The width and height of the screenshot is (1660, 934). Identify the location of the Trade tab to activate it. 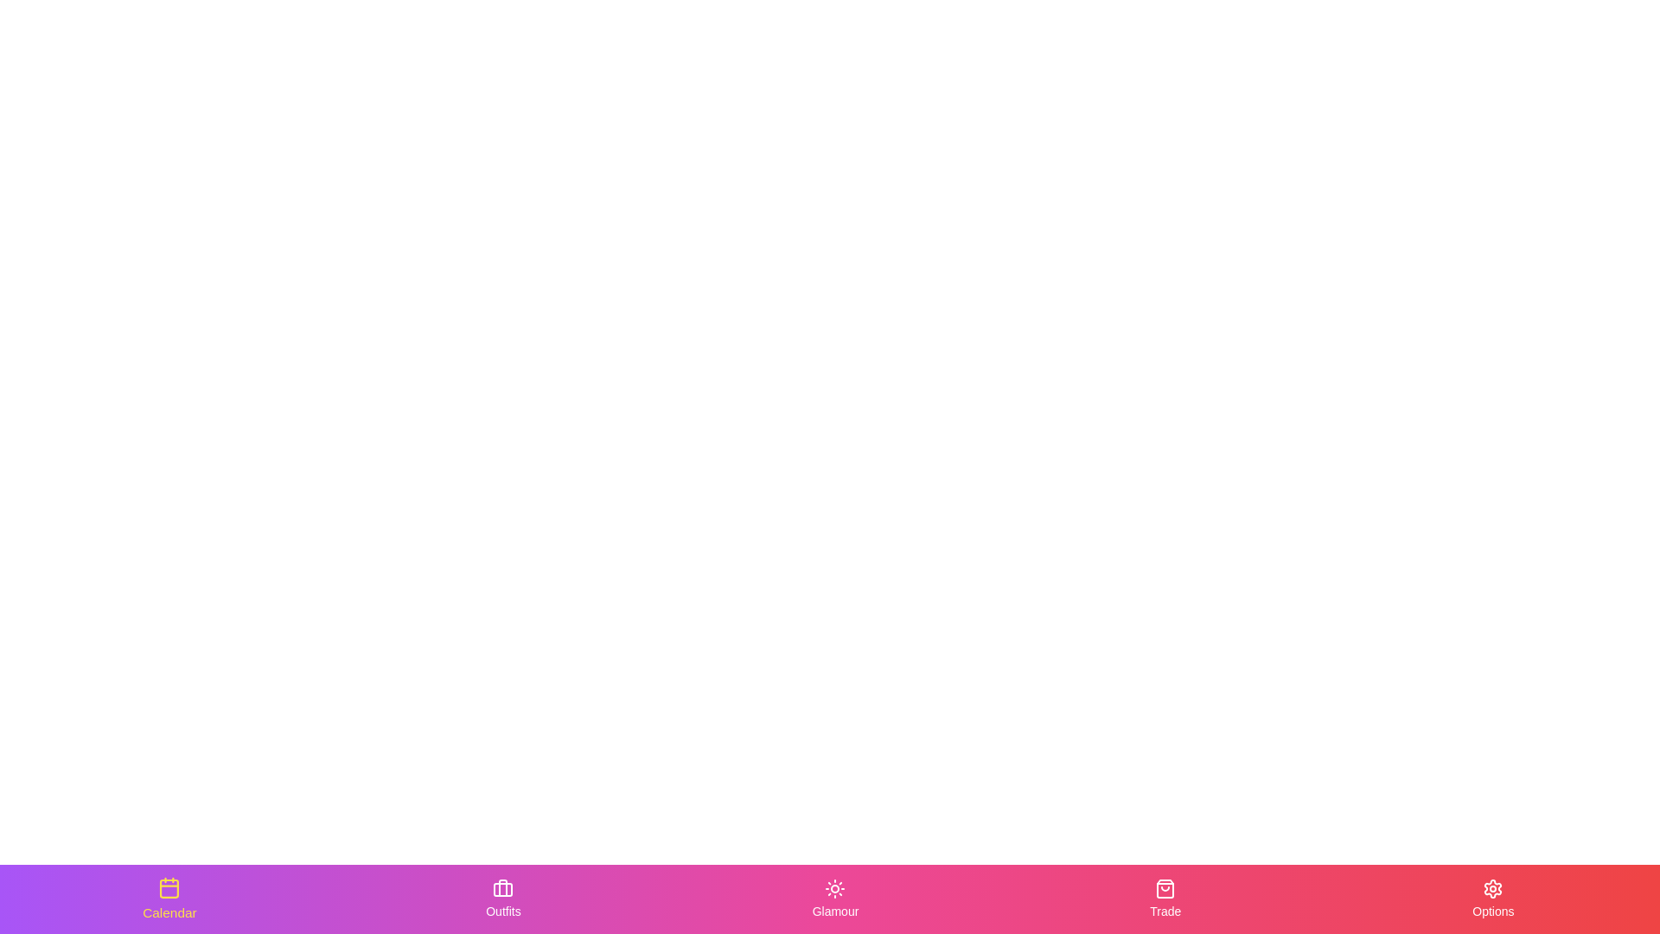
(1165, 899).